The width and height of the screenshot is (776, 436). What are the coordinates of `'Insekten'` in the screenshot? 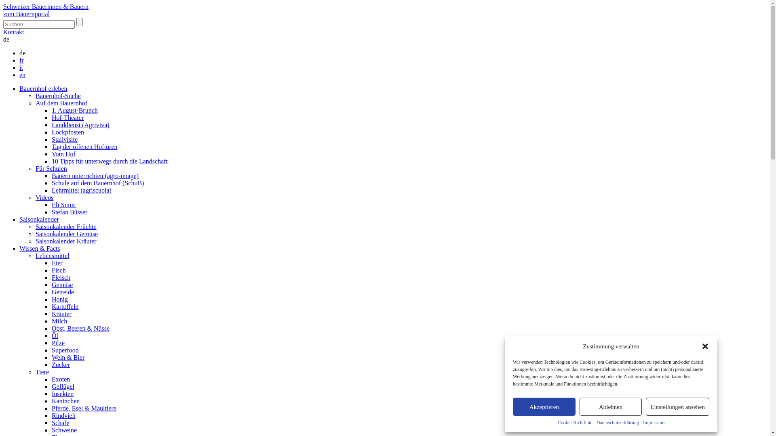 It's located at (62, 393).